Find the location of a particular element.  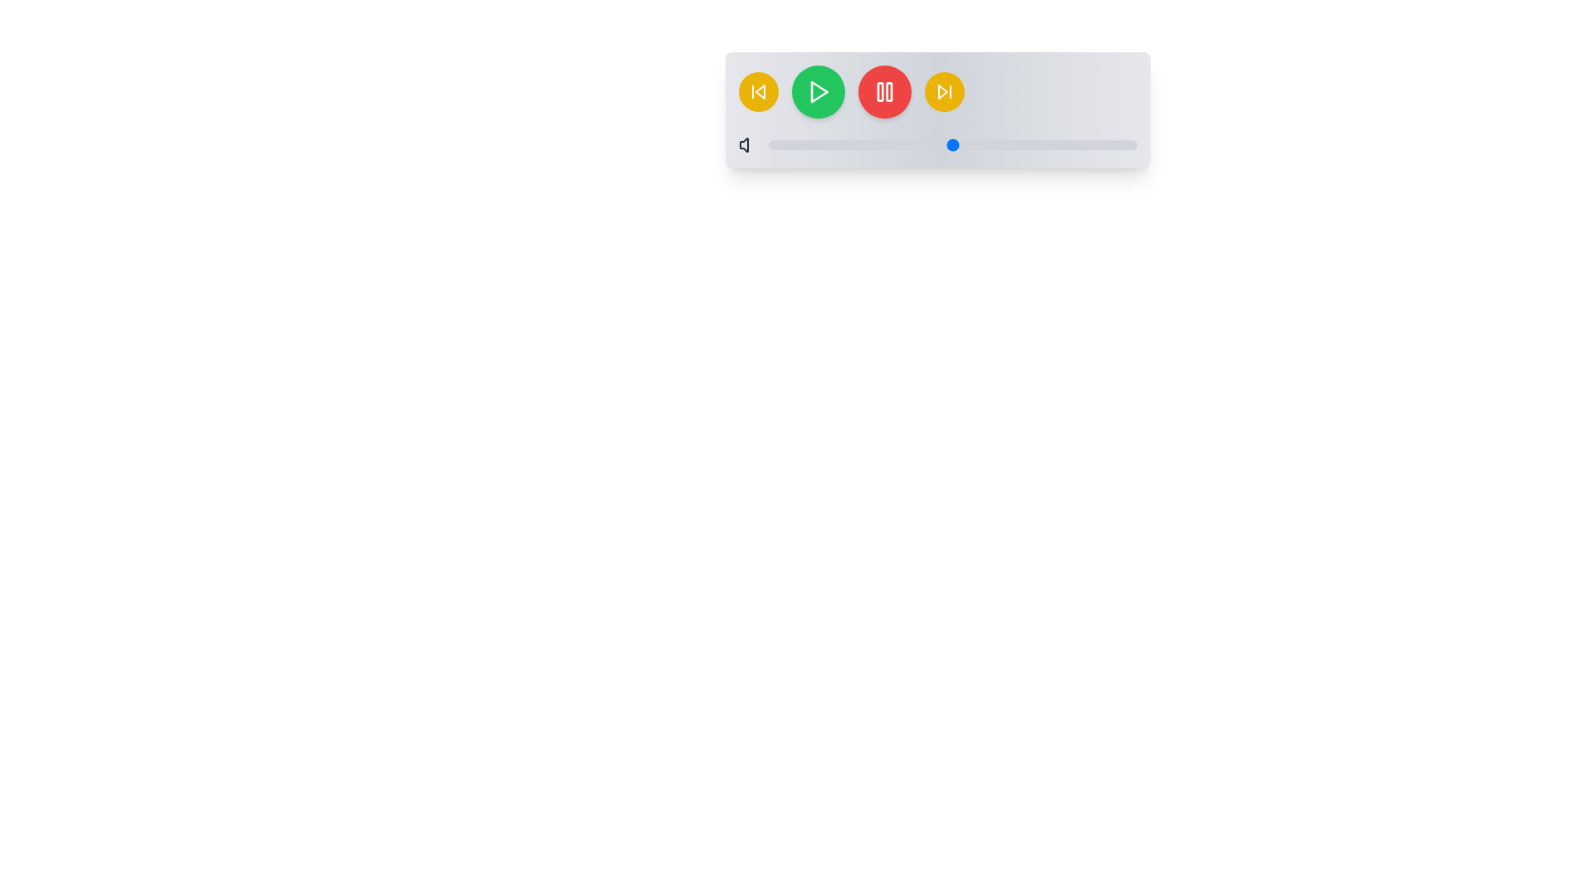

the slider is located at coordinates (1067, 144).